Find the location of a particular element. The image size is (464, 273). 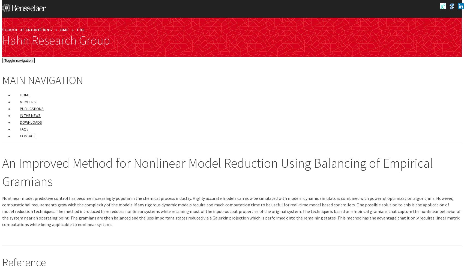

'Toggle navigation' is located at coordinates (4, 60).